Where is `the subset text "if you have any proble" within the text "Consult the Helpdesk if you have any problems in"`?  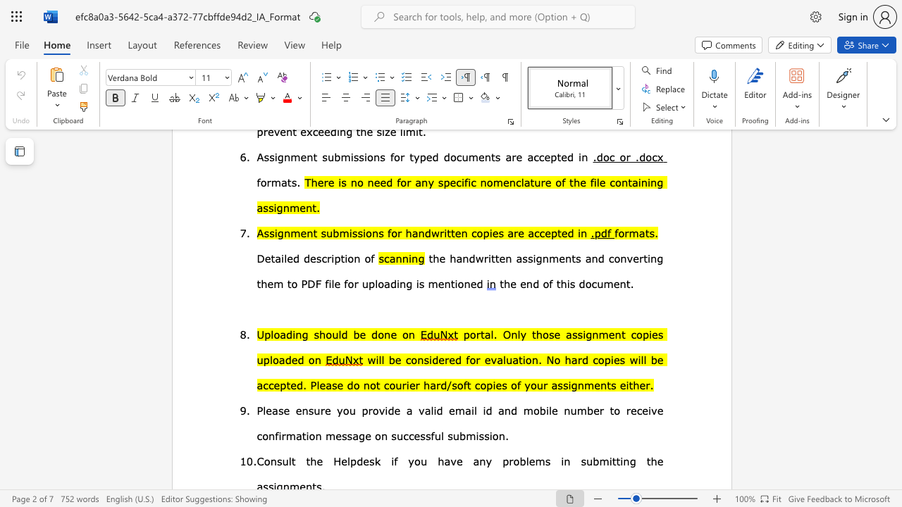
the subset text "if you have any proble" within the text "Consult the Helpdesk if you have any problems in" is located at coordinates (391, 461).